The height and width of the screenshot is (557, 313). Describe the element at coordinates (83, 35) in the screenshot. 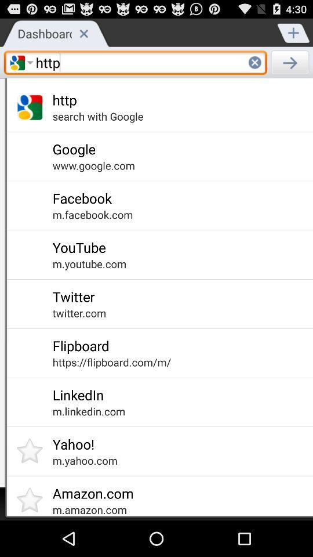

I see `the close icon` at that location.